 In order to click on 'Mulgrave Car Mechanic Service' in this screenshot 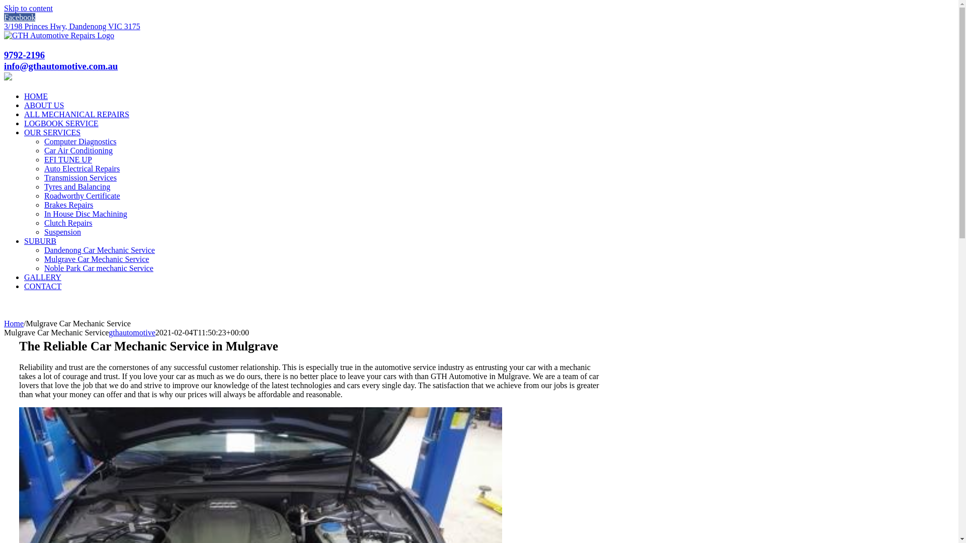, I will do `click(97, 258)`.